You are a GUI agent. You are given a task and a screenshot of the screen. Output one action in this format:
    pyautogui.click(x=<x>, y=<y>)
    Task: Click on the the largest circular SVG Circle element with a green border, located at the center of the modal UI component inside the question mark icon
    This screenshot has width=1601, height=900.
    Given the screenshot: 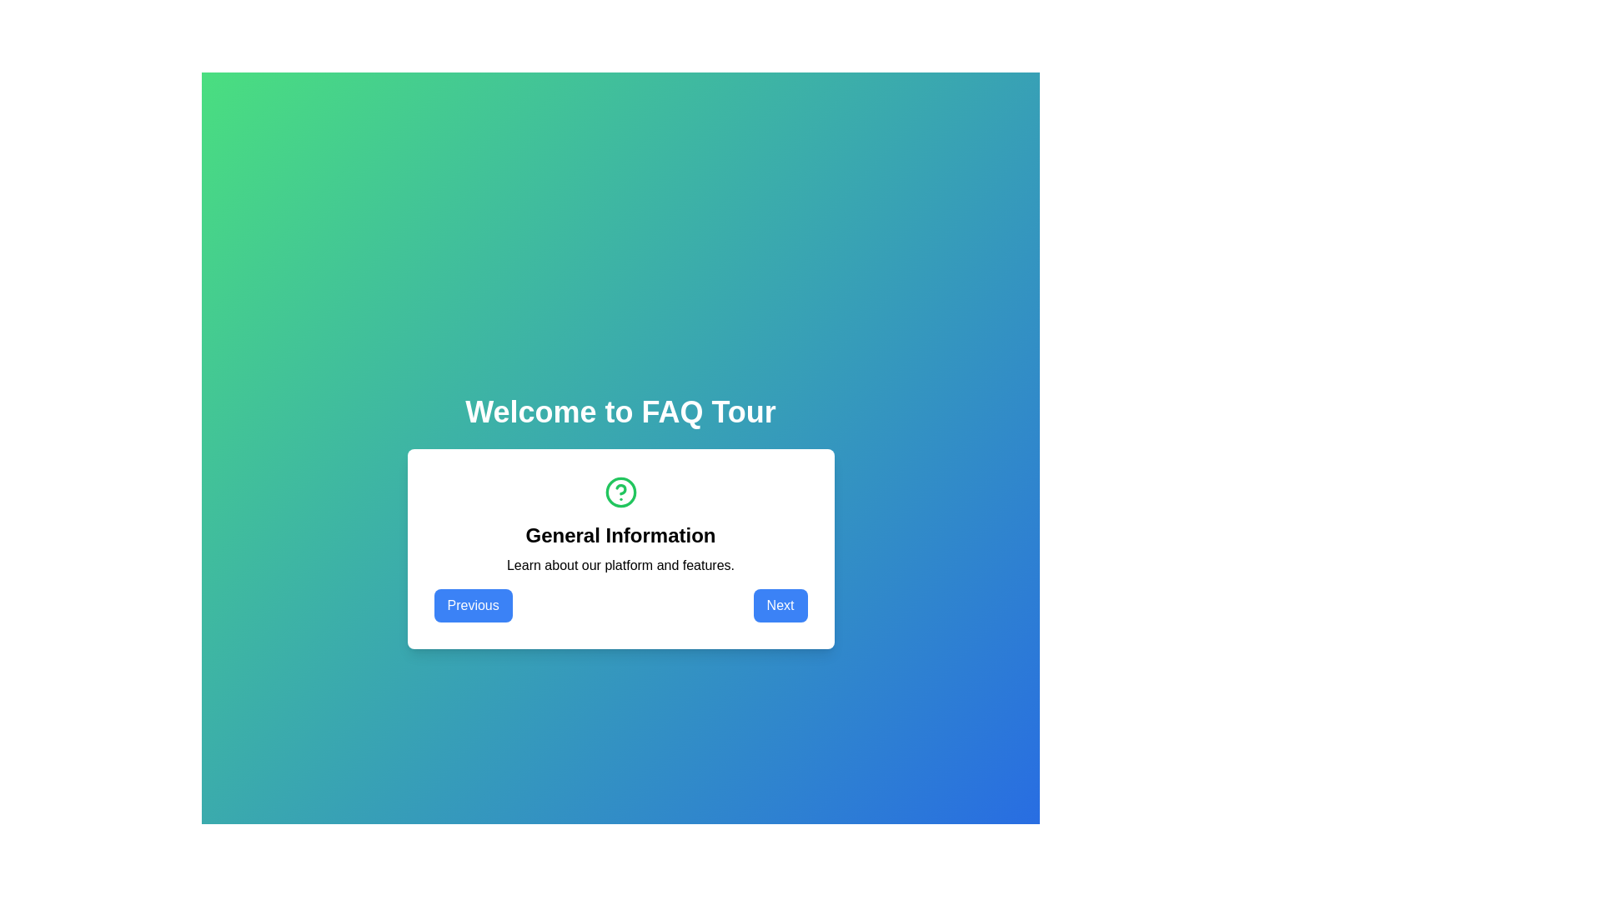 What is the action you would take?
    pyautogui.click(x=620, y=491)
    